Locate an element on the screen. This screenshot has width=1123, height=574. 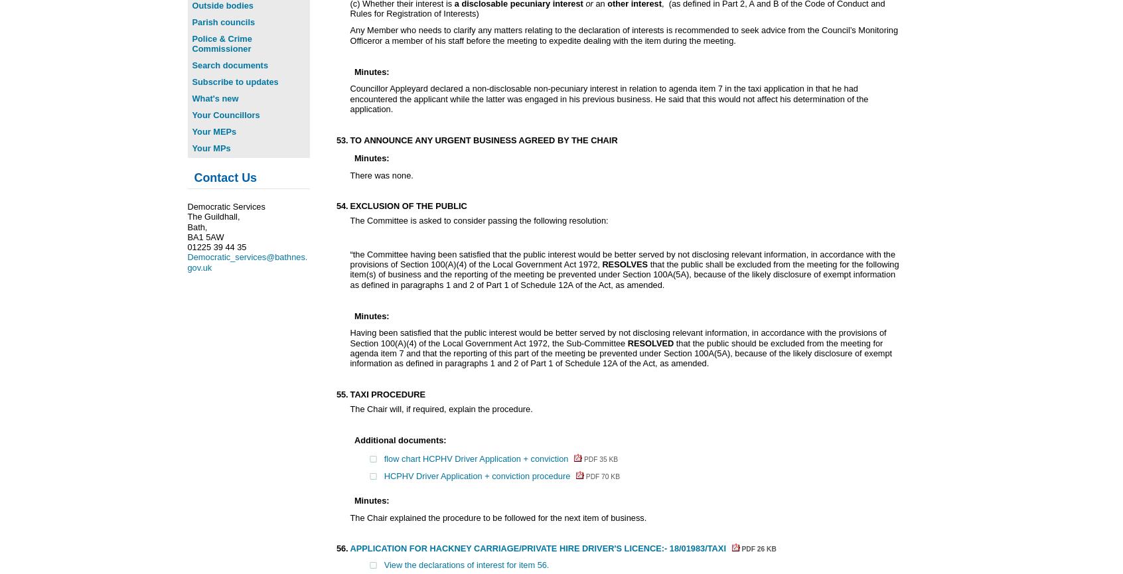
'flow chart HCPHV Driver Application + conviction' is located at coordinates (476, 458).